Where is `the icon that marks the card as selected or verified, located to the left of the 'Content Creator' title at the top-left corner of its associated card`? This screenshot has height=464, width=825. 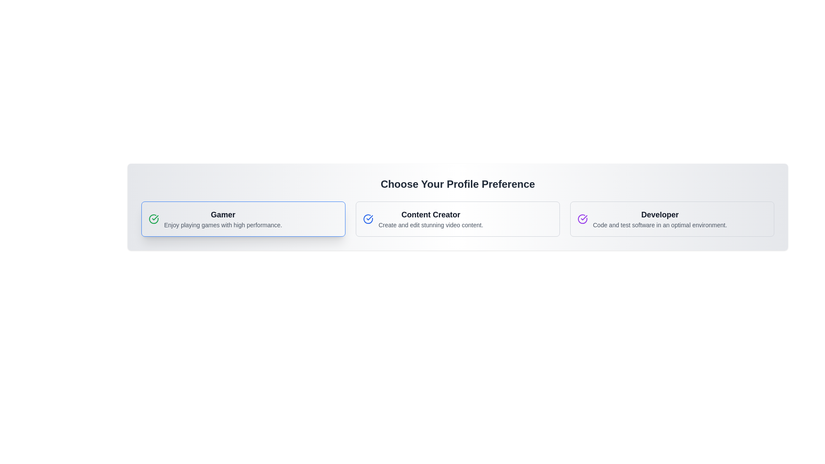 the icon that marks the card as selected or verified, located to the left of the 'Content Creator' title at the top-left corner of its associated card is located at coordinates (368, 218).